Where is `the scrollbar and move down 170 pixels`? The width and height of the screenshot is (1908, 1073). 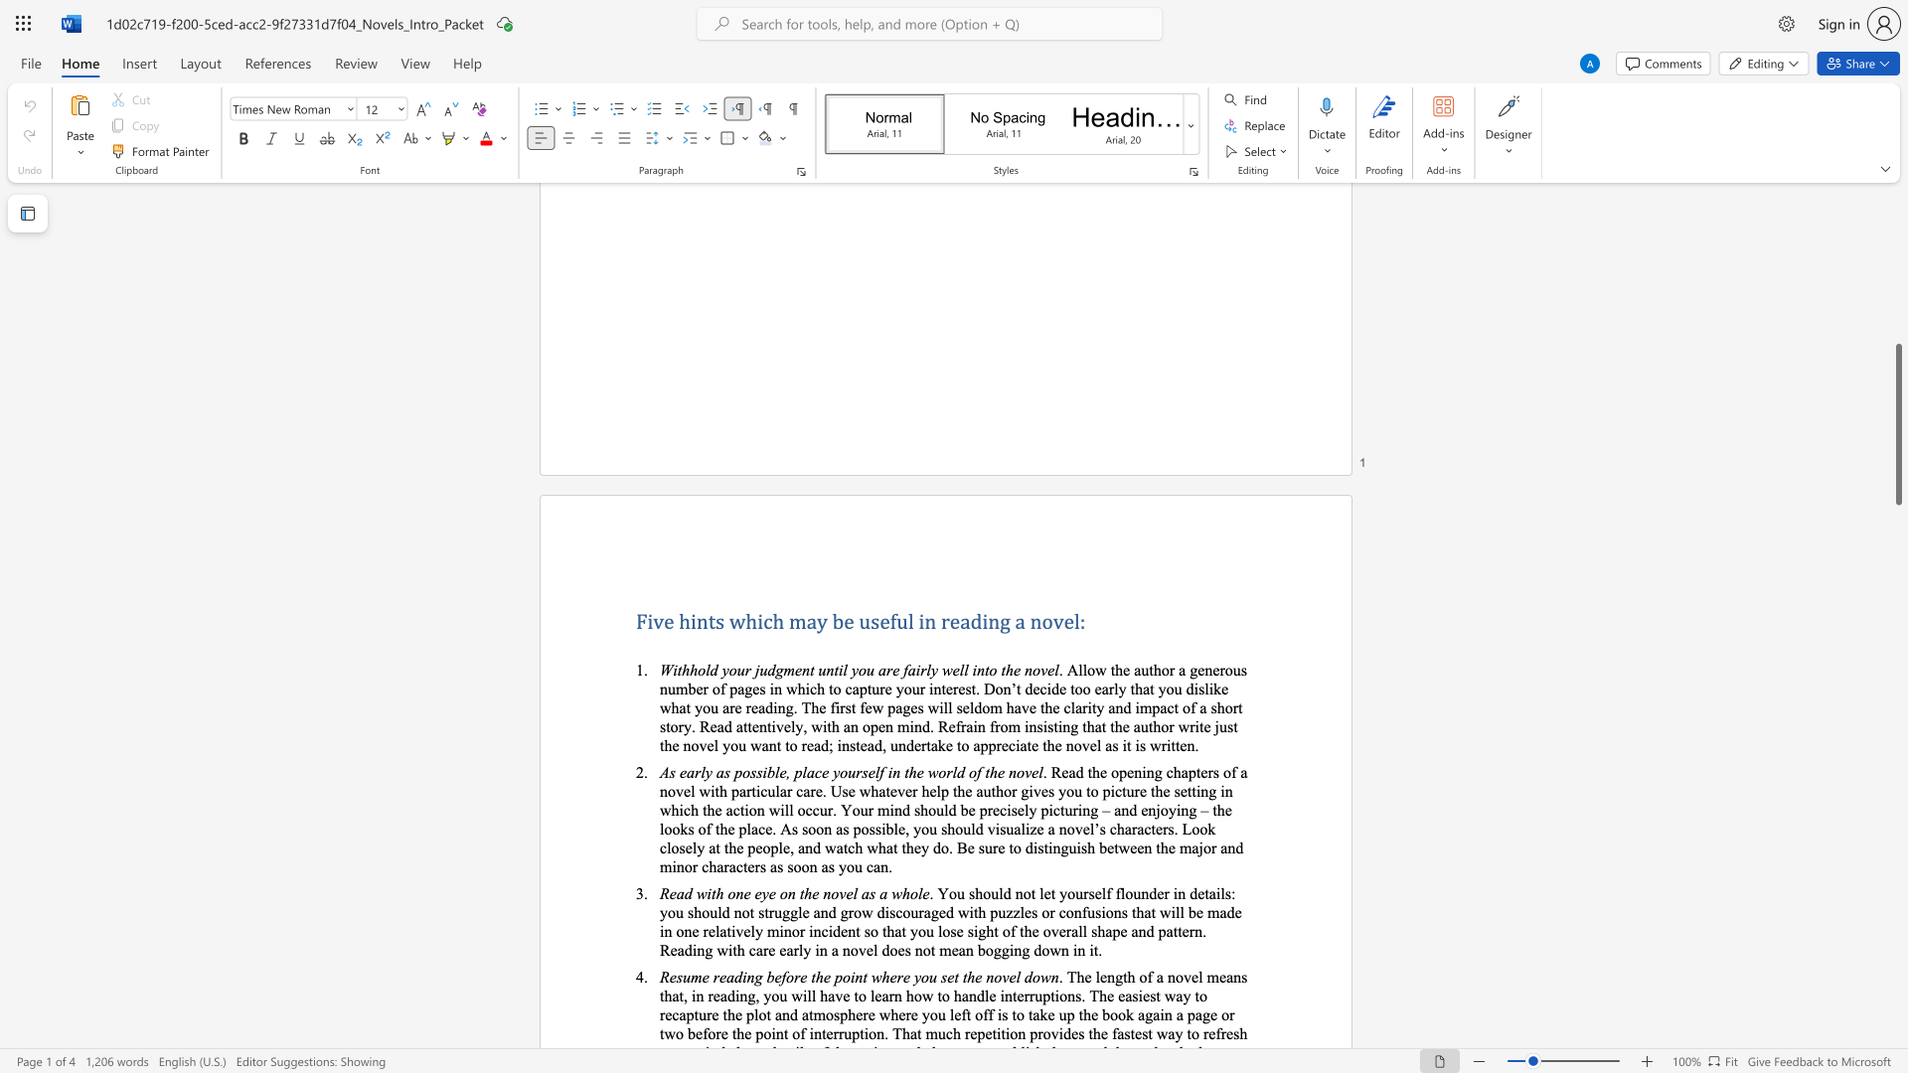
the scrollbar and move down 170 pixels is located at coordinates (1897, 423).